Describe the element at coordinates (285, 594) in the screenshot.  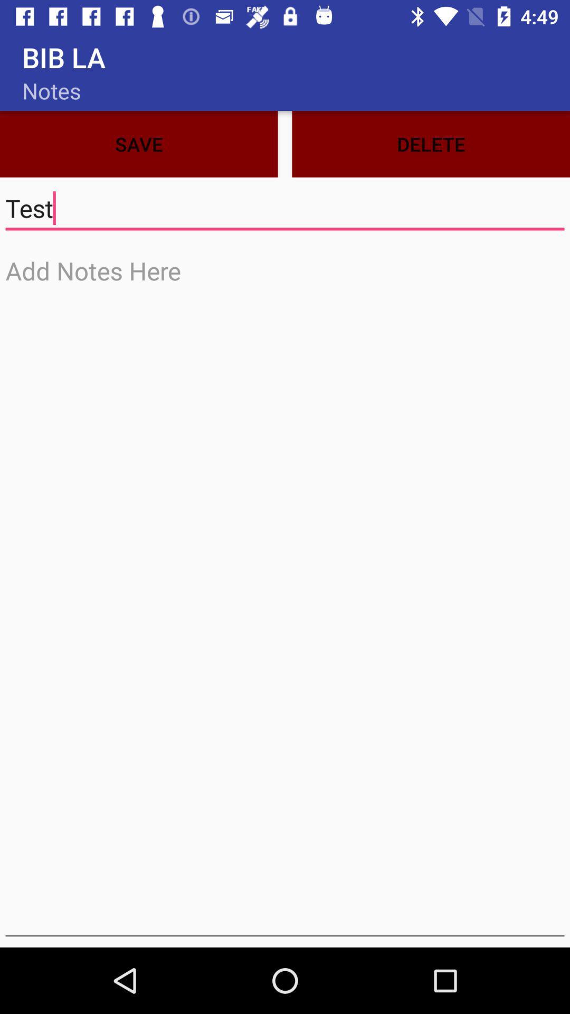
I see `item below the test item` at that location.